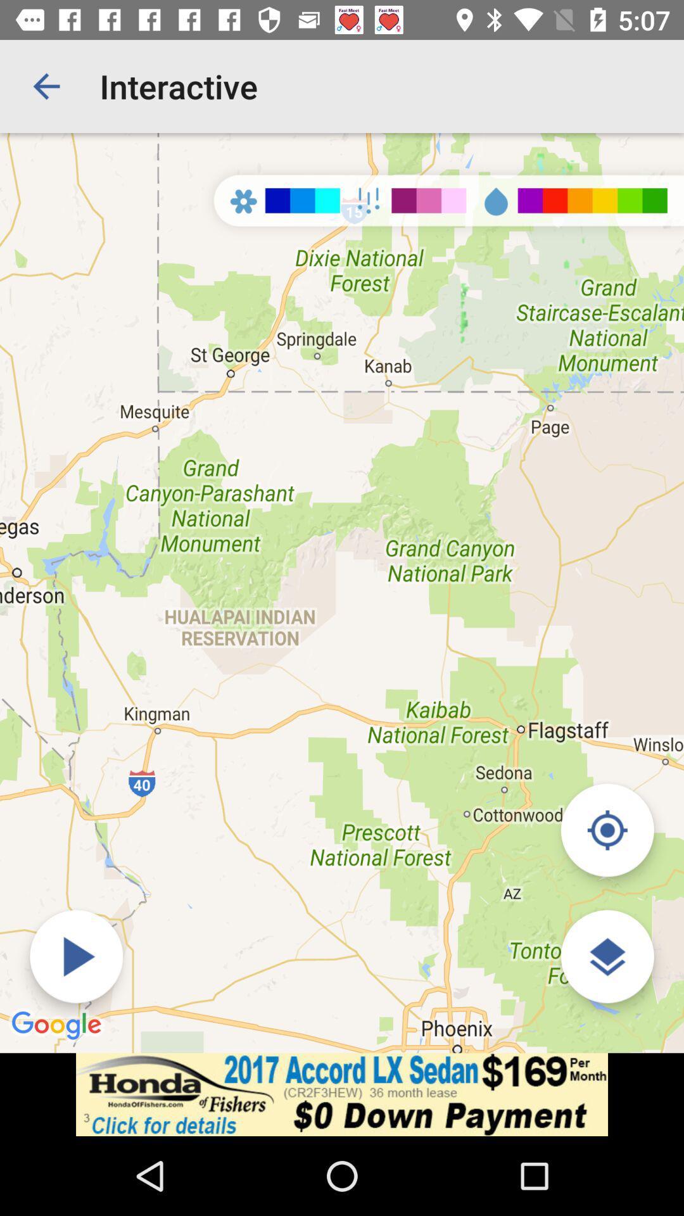 Image resolution: width=684 pixels, height=1216 pixels. I want to click on the location_crosshair icon, so click(607, 830).